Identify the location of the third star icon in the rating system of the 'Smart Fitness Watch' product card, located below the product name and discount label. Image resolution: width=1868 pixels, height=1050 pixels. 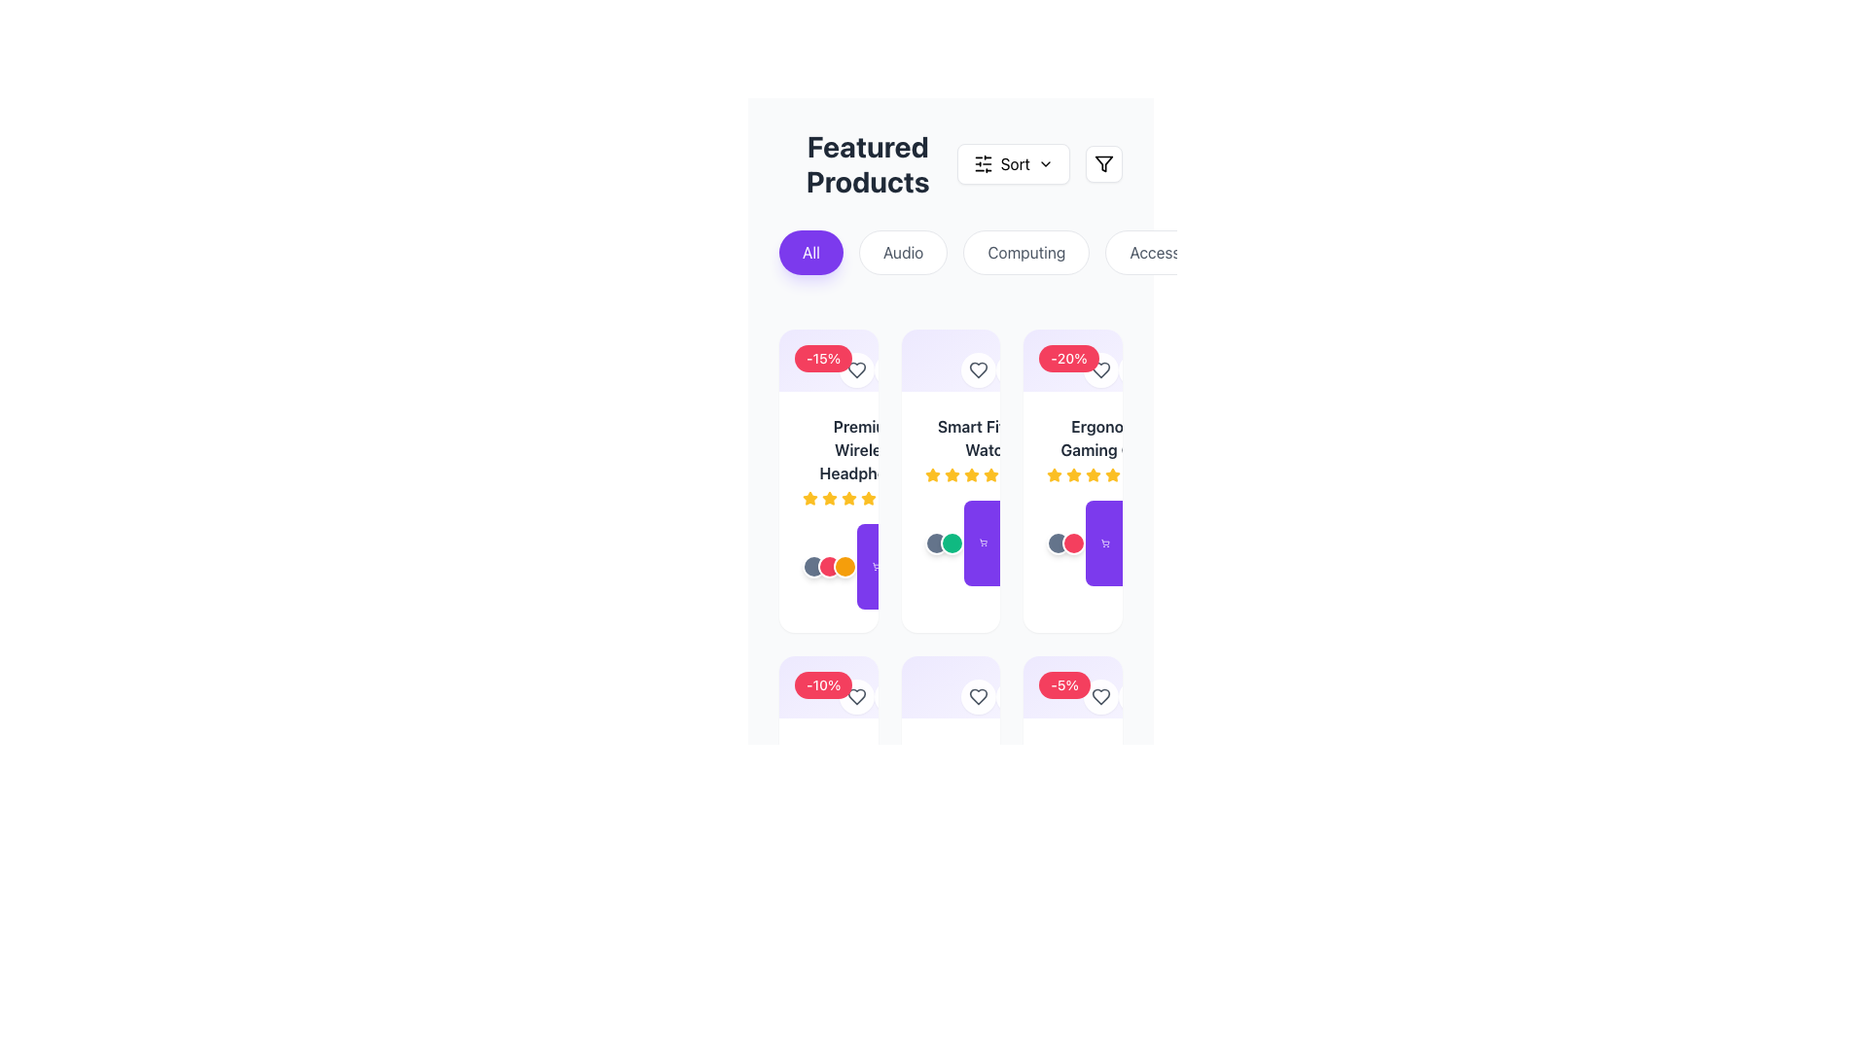
(931, 474).